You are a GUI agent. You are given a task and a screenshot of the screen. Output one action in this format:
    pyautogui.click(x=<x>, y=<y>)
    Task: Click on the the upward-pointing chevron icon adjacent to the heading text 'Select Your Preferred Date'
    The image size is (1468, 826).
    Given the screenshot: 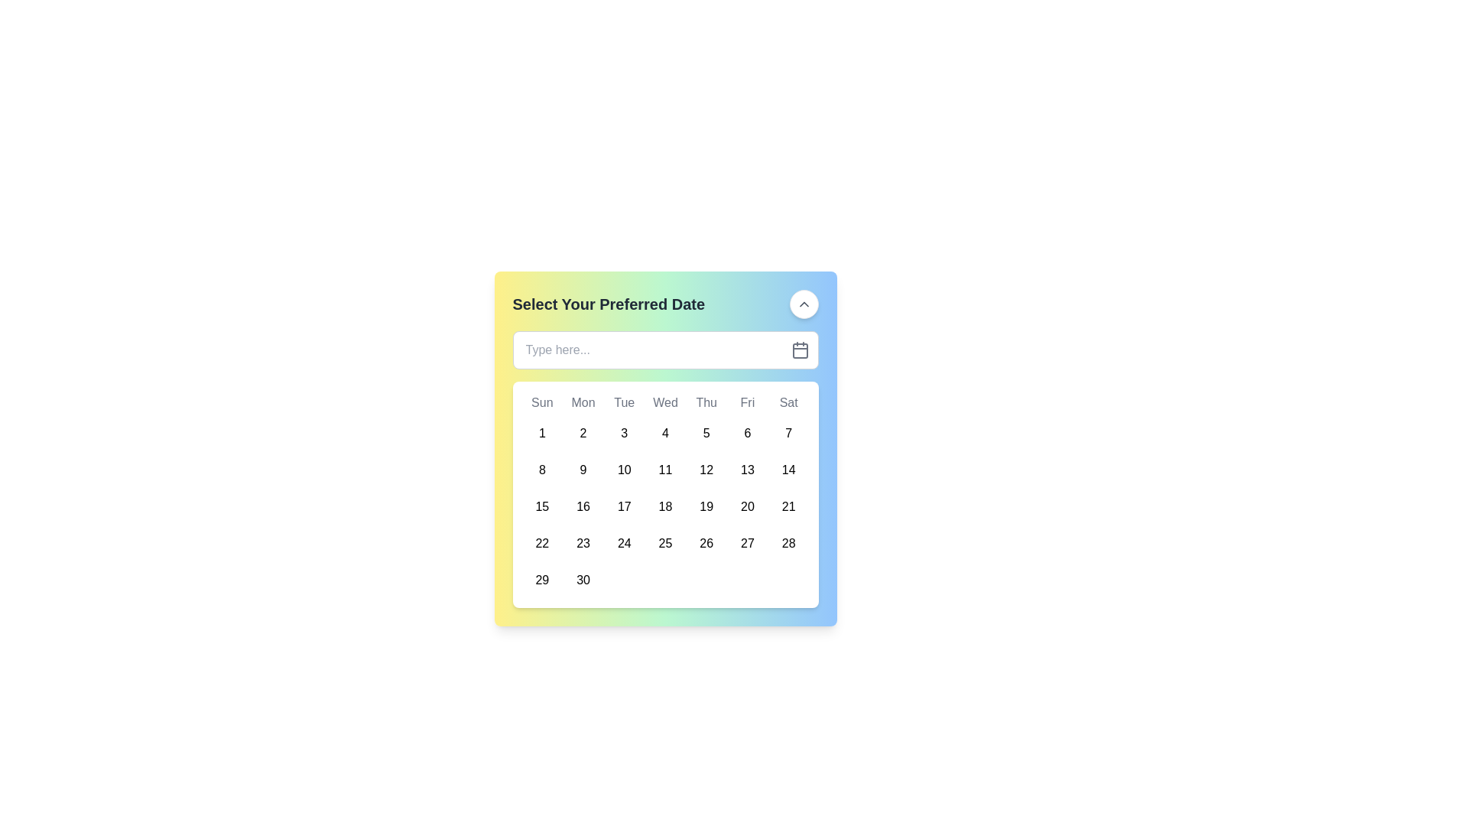 What is the action you would take?
    pyautogui.click(x=665, y=304)
    